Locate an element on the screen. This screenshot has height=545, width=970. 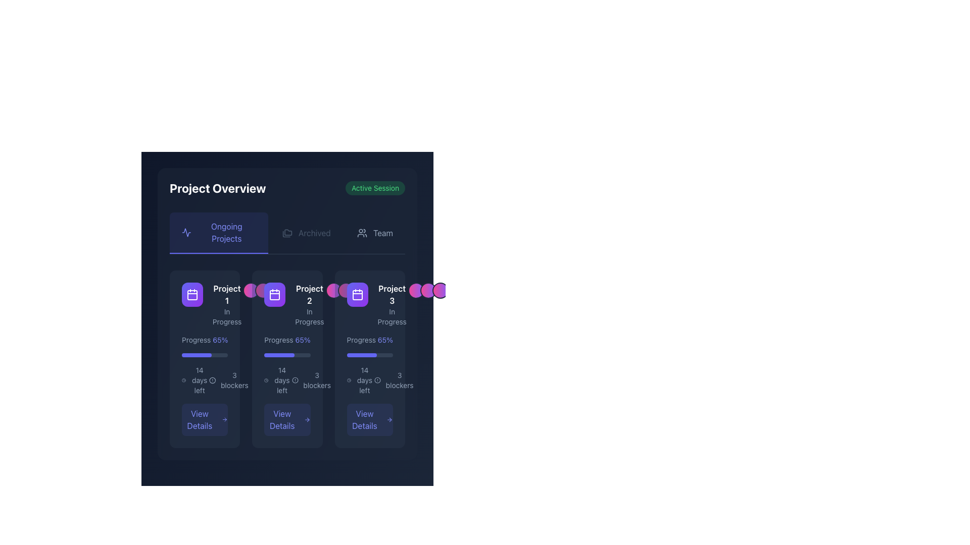
displayed text '3 blockers' from the Text label with an associated icon located in the second project card of the 'Ongoing Projects' section, positioned below the progress bar and to the right of the '14 days left' text is located at coordinates (311, 380).